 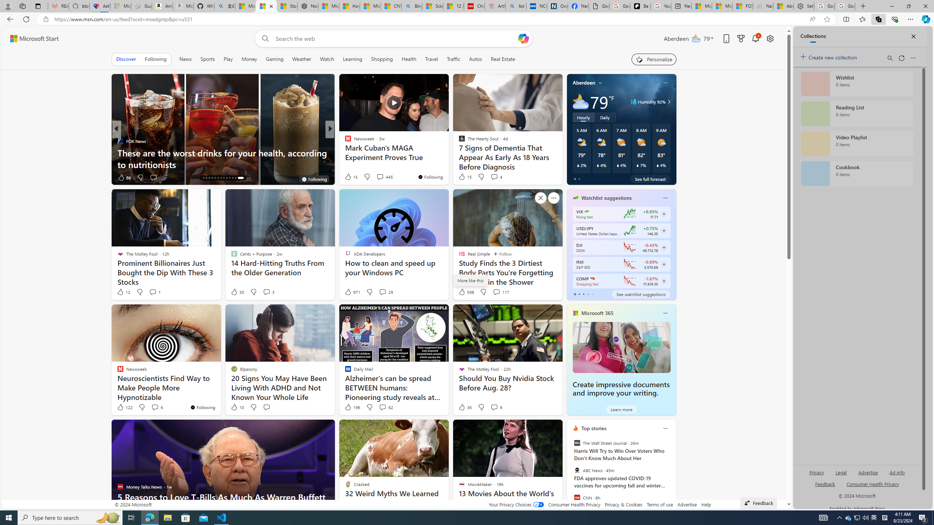 I want to click on 'NASDAQ', so click(x=592, y=278).